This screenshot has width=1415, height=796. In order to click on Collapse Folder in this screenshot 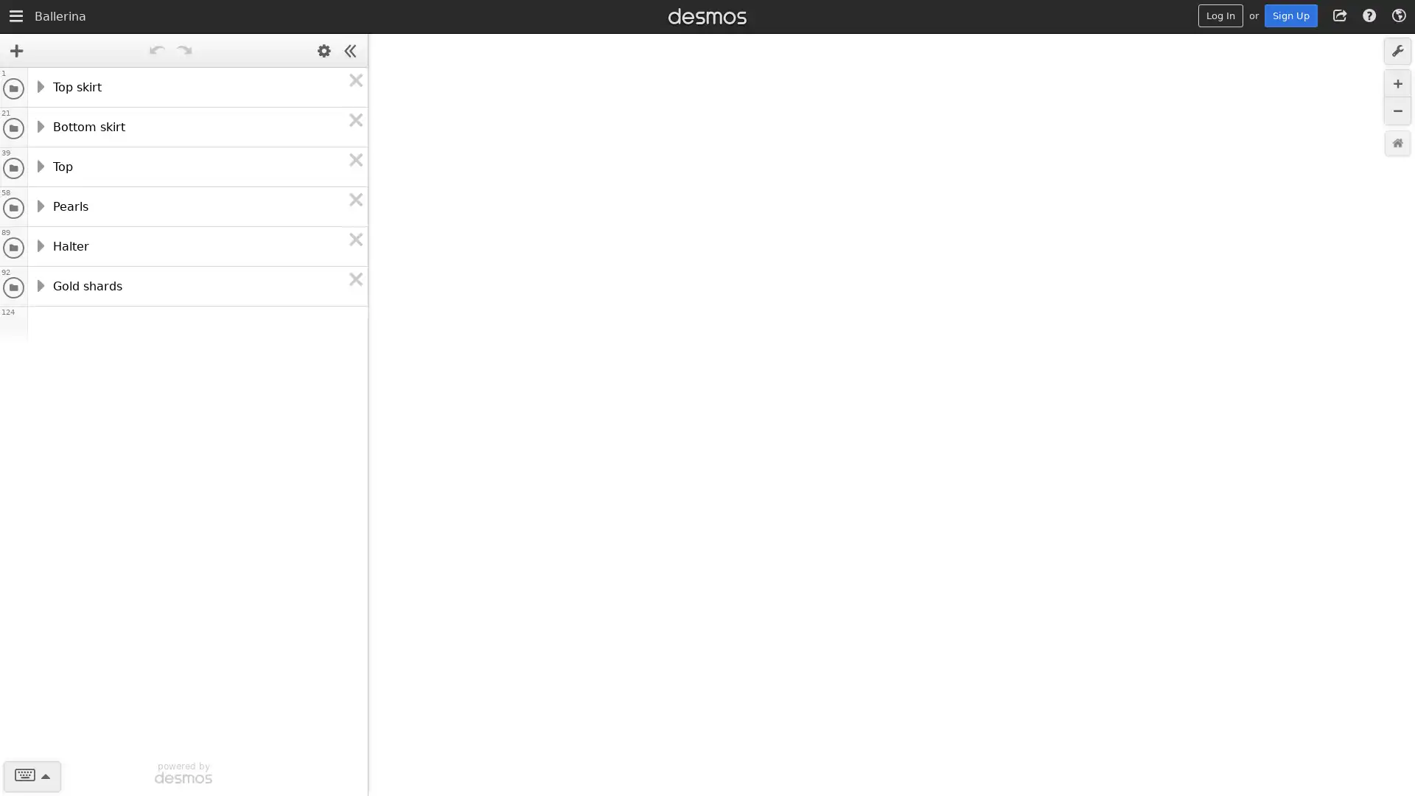, I will do `click(39, 164)`.